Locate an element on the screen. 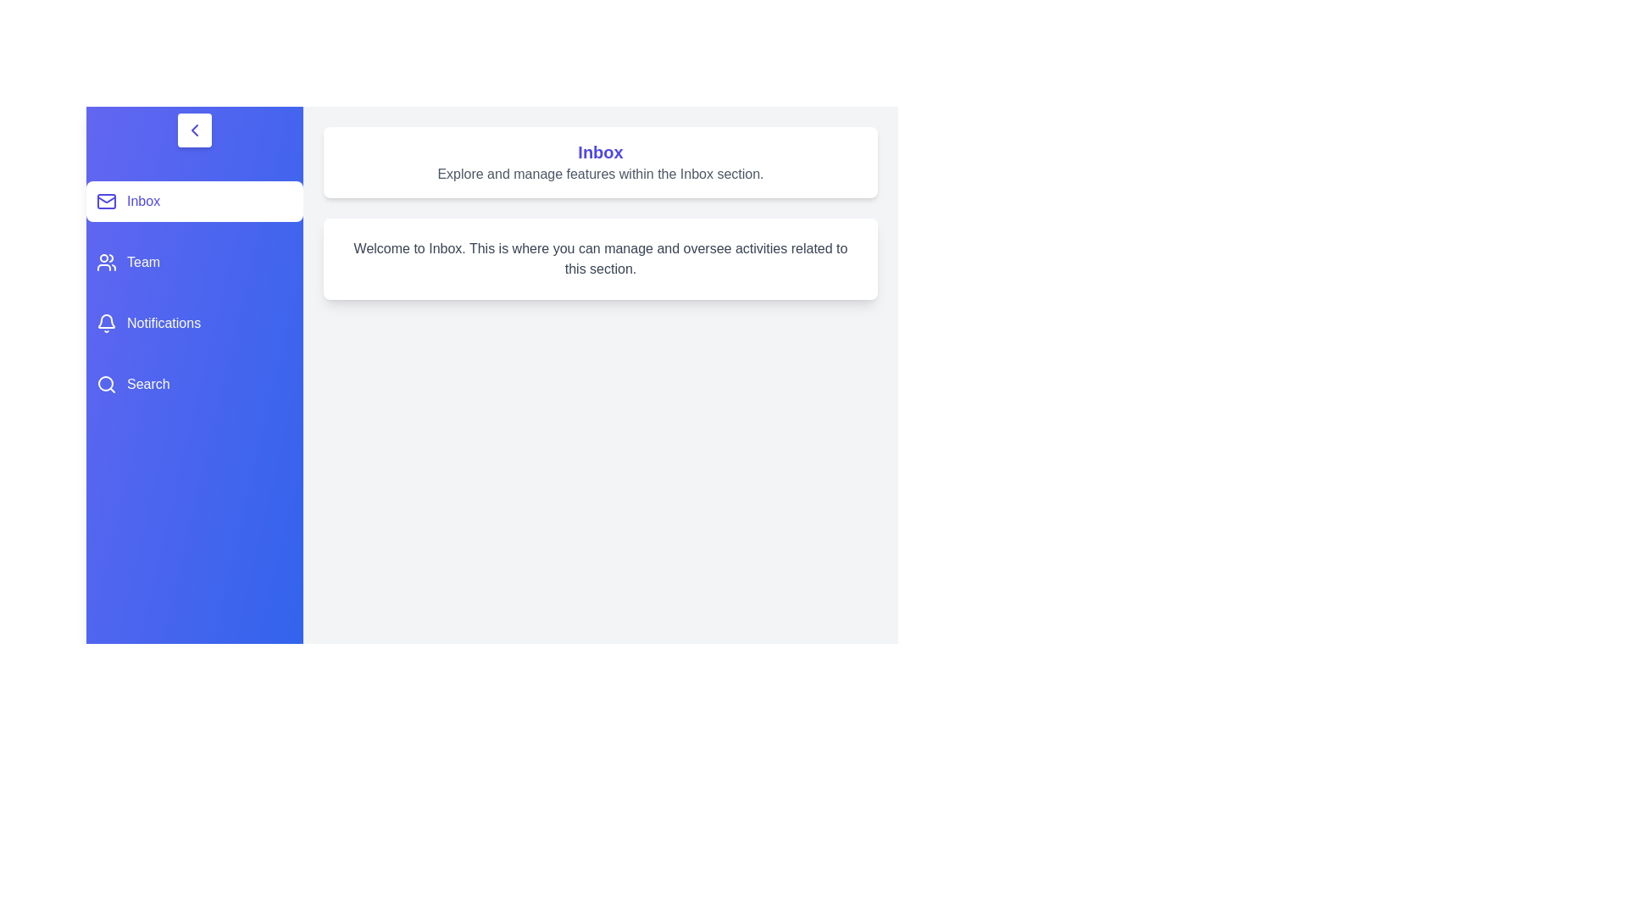  toggle button to change the drawer's state is located at coordinates (195, 130).